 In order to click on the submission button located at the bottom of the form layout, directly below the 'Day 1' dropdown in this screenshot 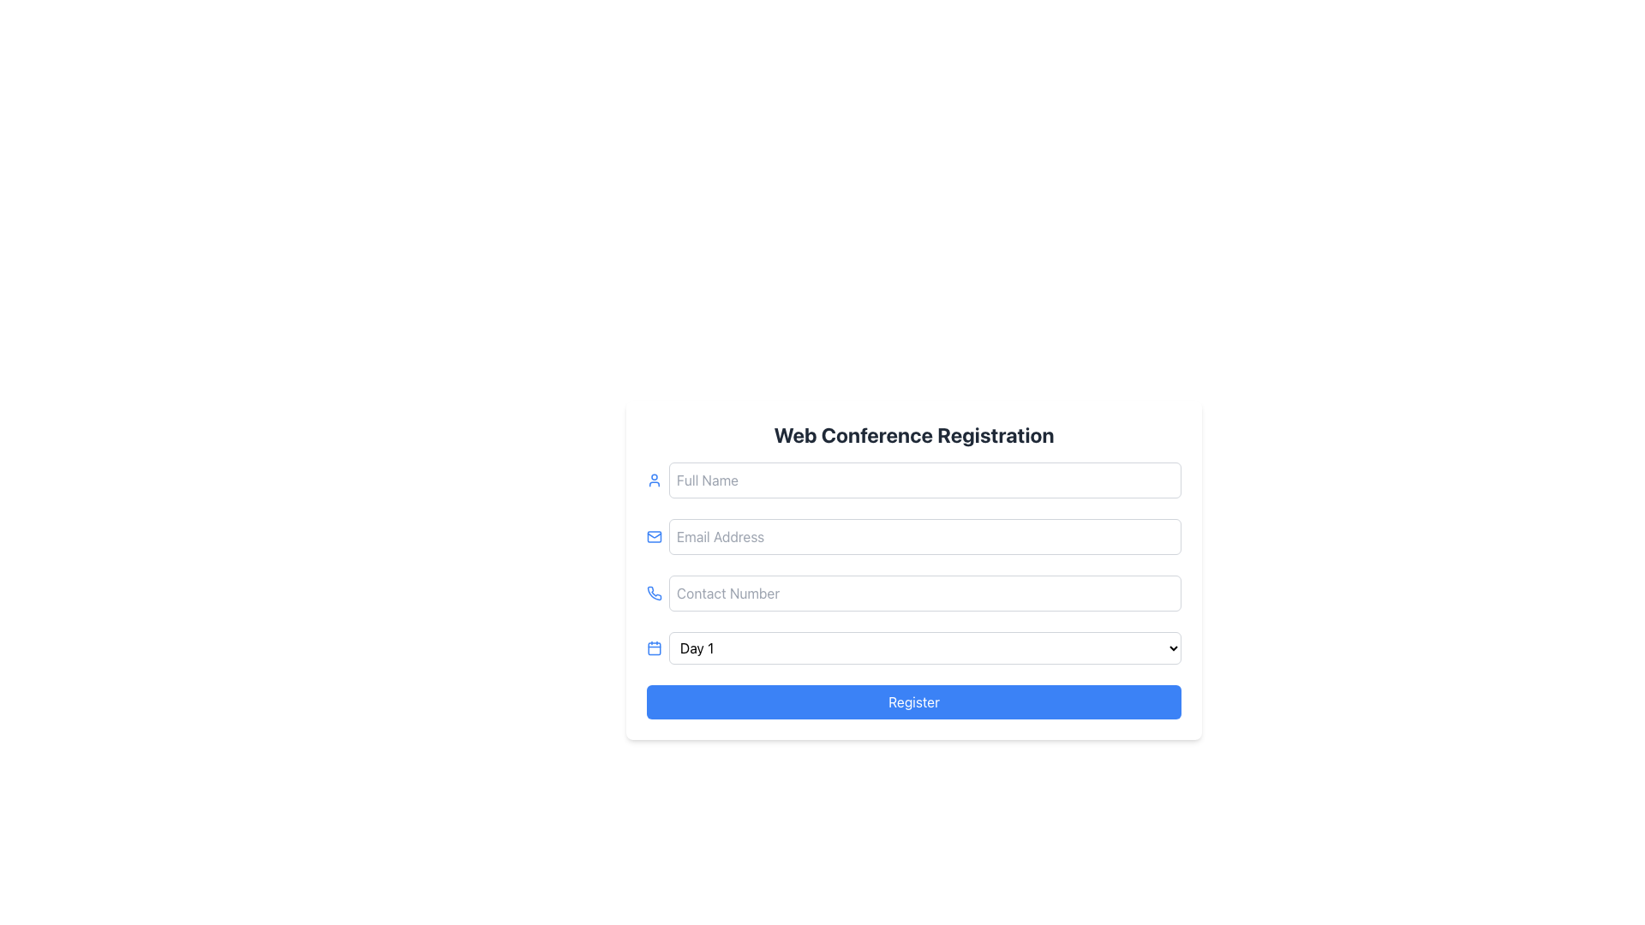, I will do `click(912, 702)`.